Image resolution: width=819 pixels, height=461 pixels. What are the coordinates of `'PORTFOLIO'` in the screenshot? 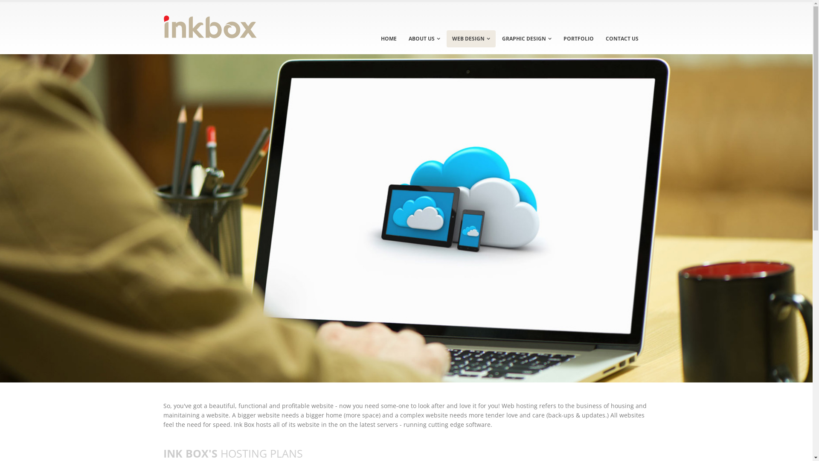 It's located at (578, 39).